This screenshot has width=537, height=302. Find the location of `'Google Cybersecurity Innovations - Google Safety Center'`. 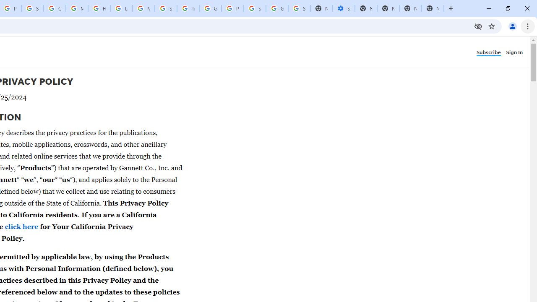

'Google Cybersecurity Innovations - Google Safety Center' is located at coordinates (277, 8).